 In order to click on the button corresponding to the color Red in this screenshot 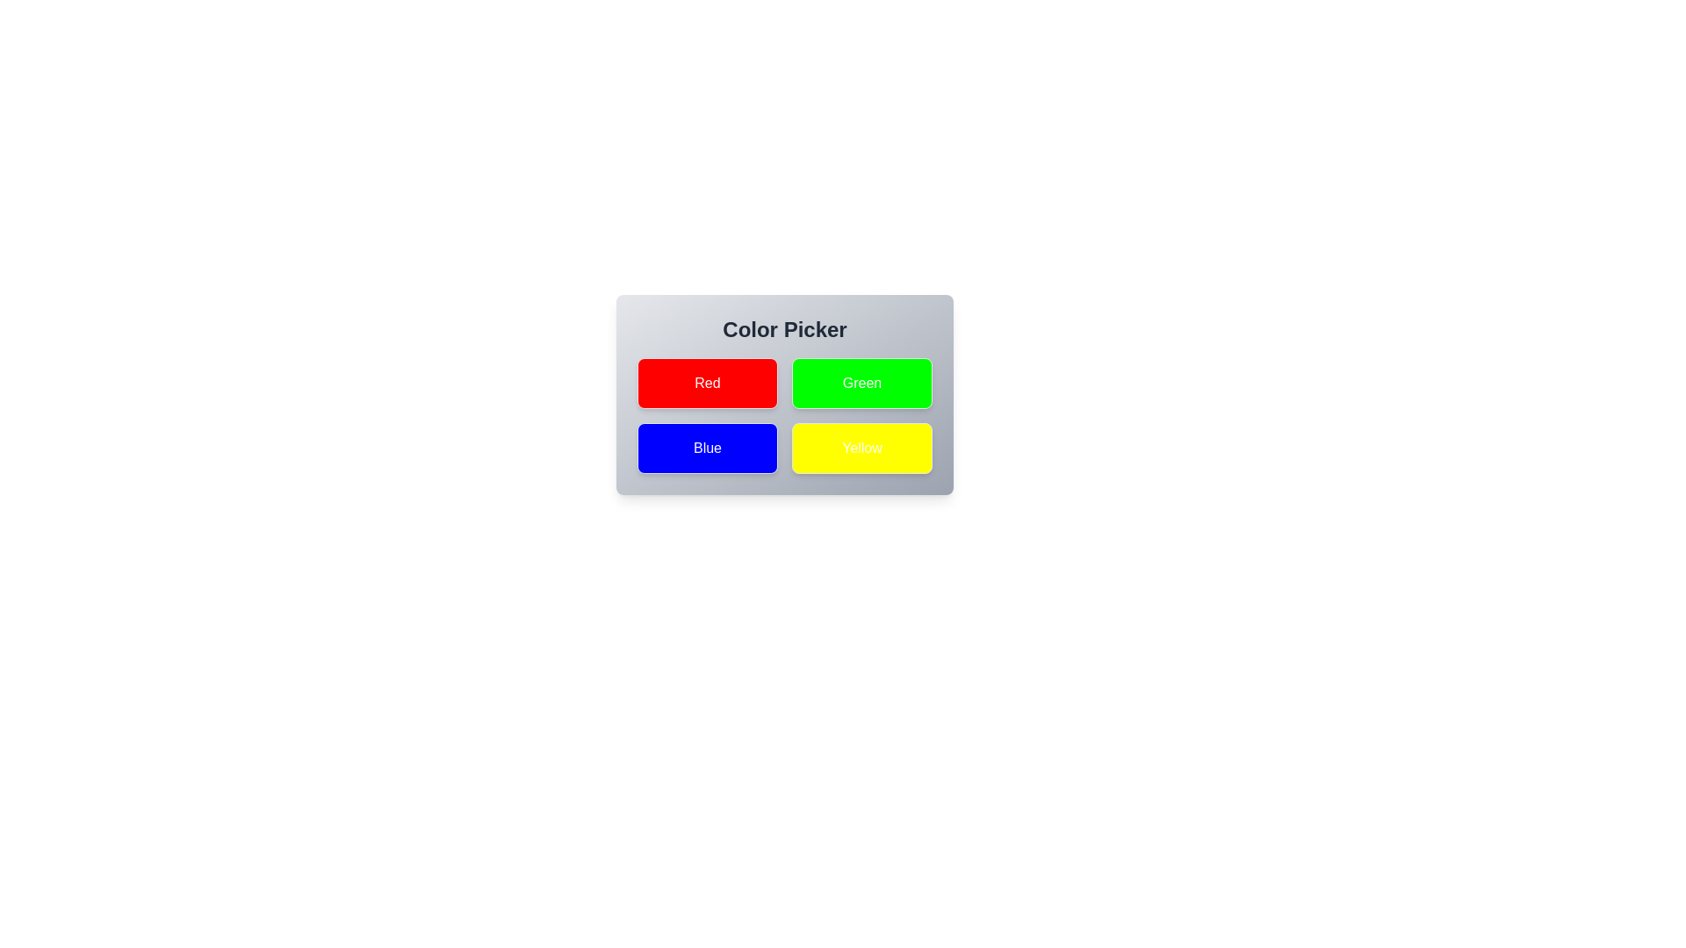, I will do `click(708, 382)`.